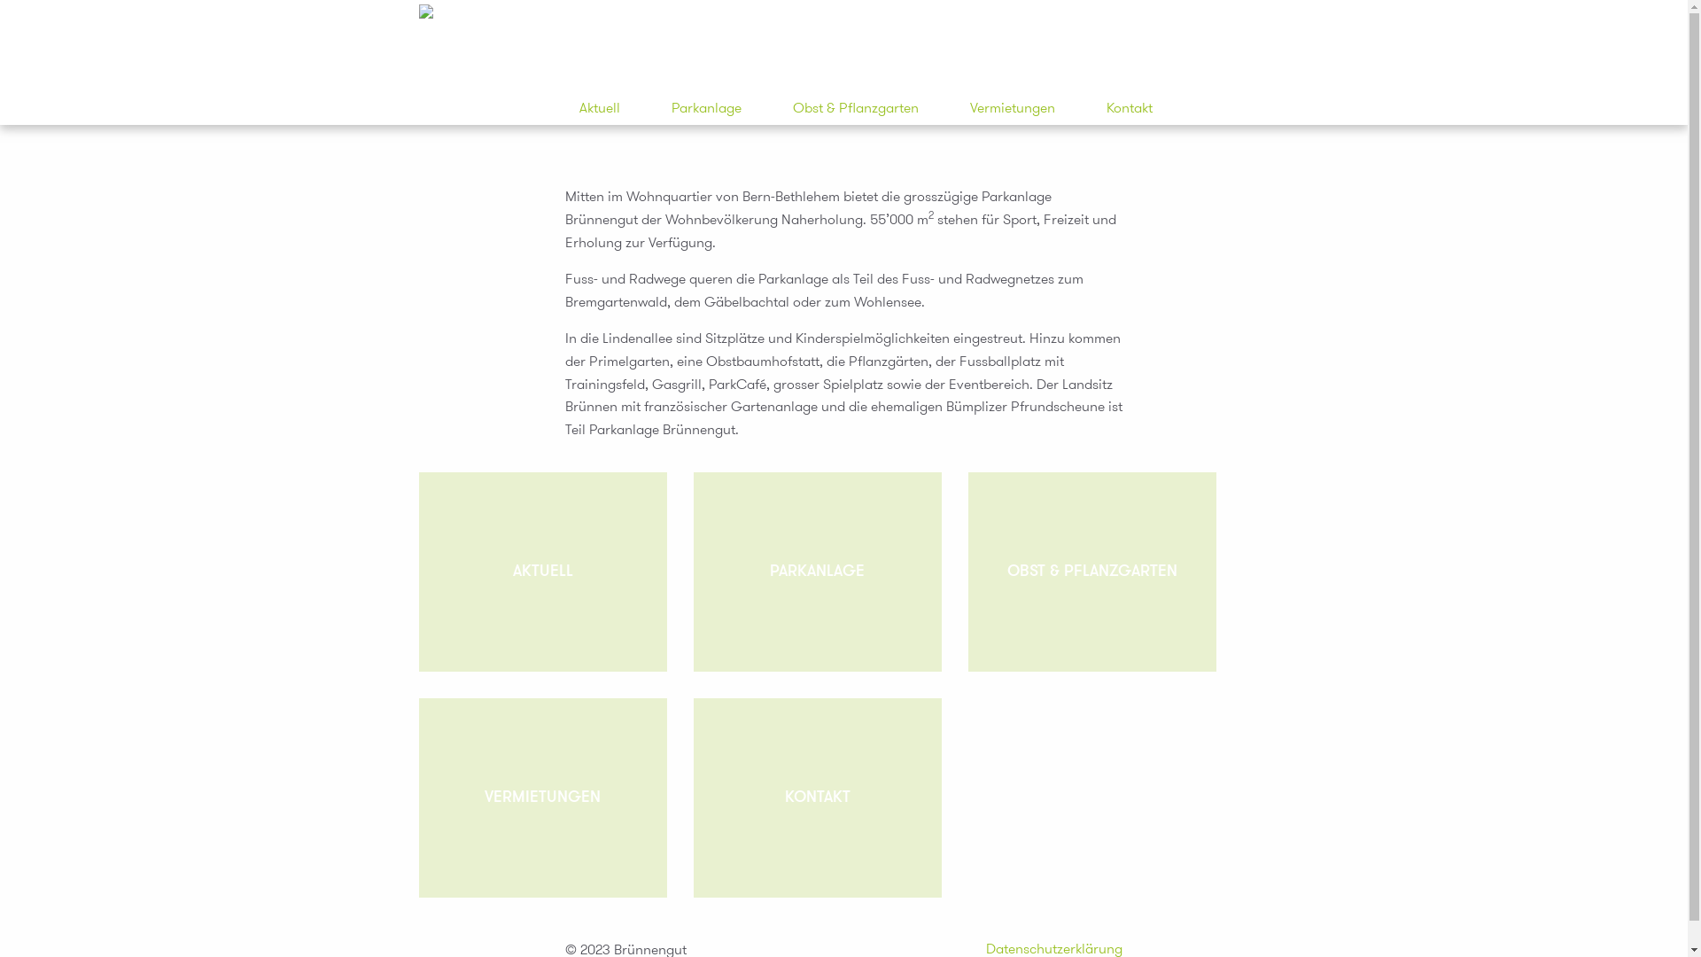 The image size is (1701, 957). I want to click on 'PARKANLAGE', so click(815, 572).